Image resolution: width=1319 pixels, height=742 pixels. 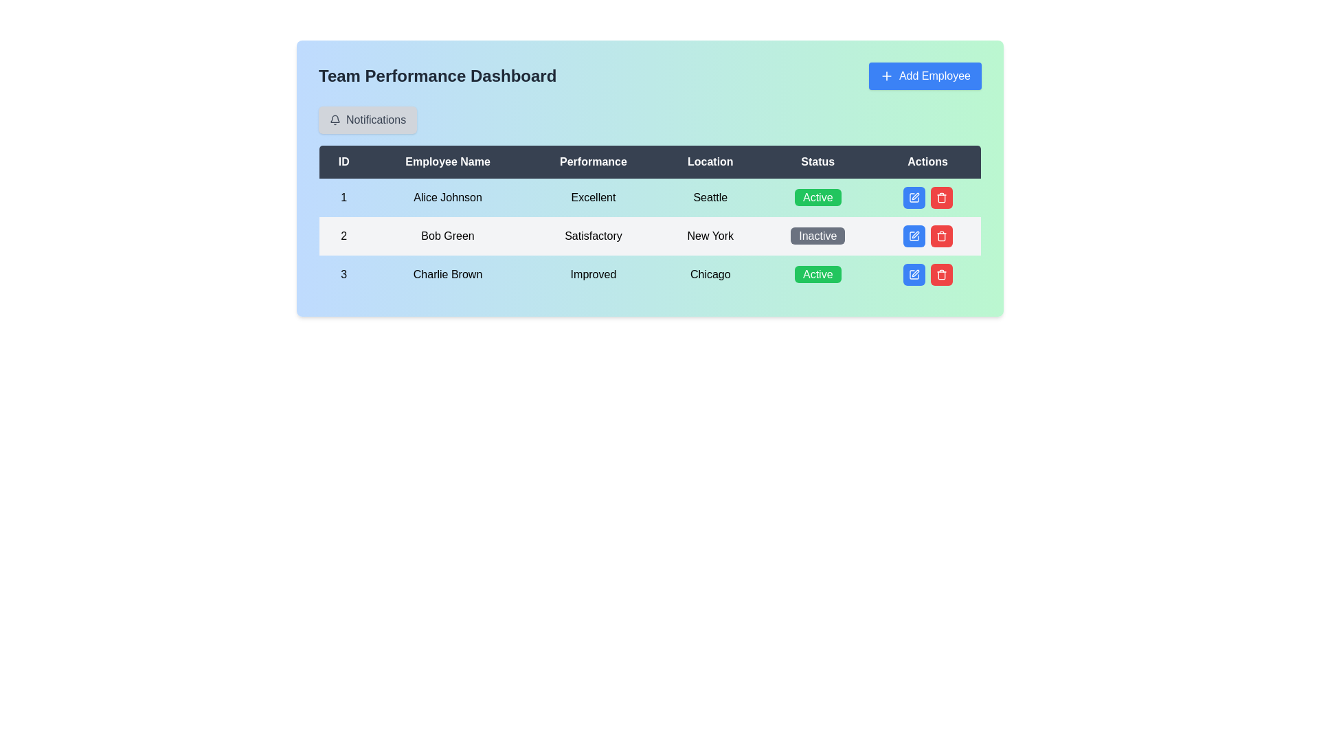 I want to click on the green button-like label containing the text 'Active' in white, located in the 'Status' column of the third row corresponding to 'Charlie Brown' in the employee details table, so click(x=818, y=275).